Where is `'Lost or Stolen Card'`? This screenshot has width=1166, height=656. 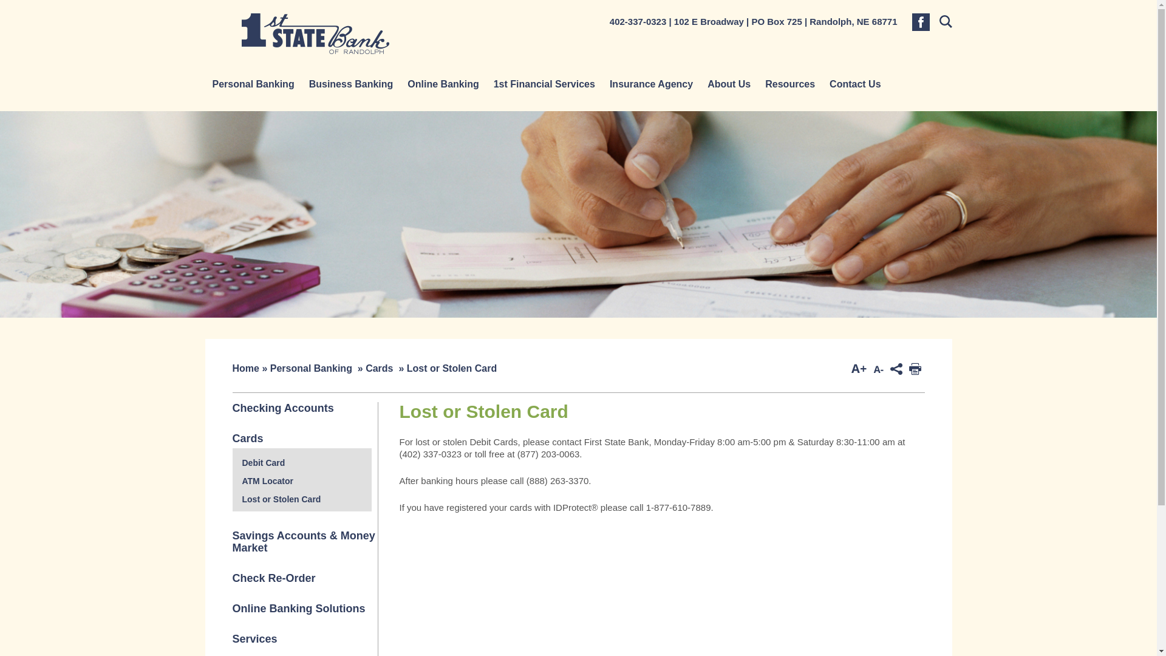
'Lost or Stolen Card' is located at coordinates (280, 499).